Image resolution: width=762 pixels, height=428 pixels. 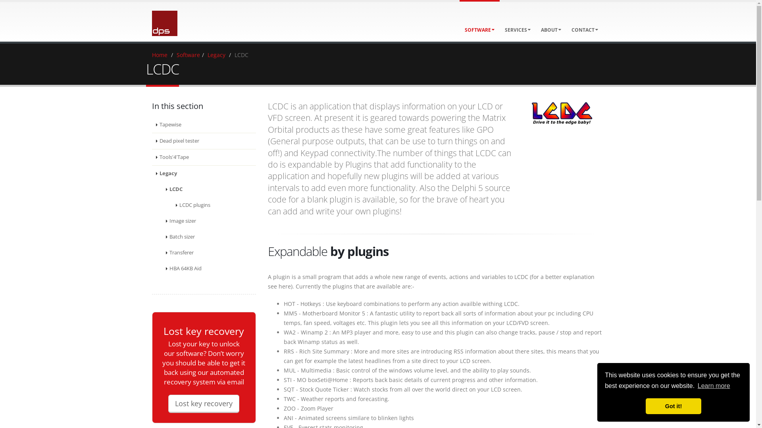 I want to click on 'Got it!', so click(x=673, y=406).